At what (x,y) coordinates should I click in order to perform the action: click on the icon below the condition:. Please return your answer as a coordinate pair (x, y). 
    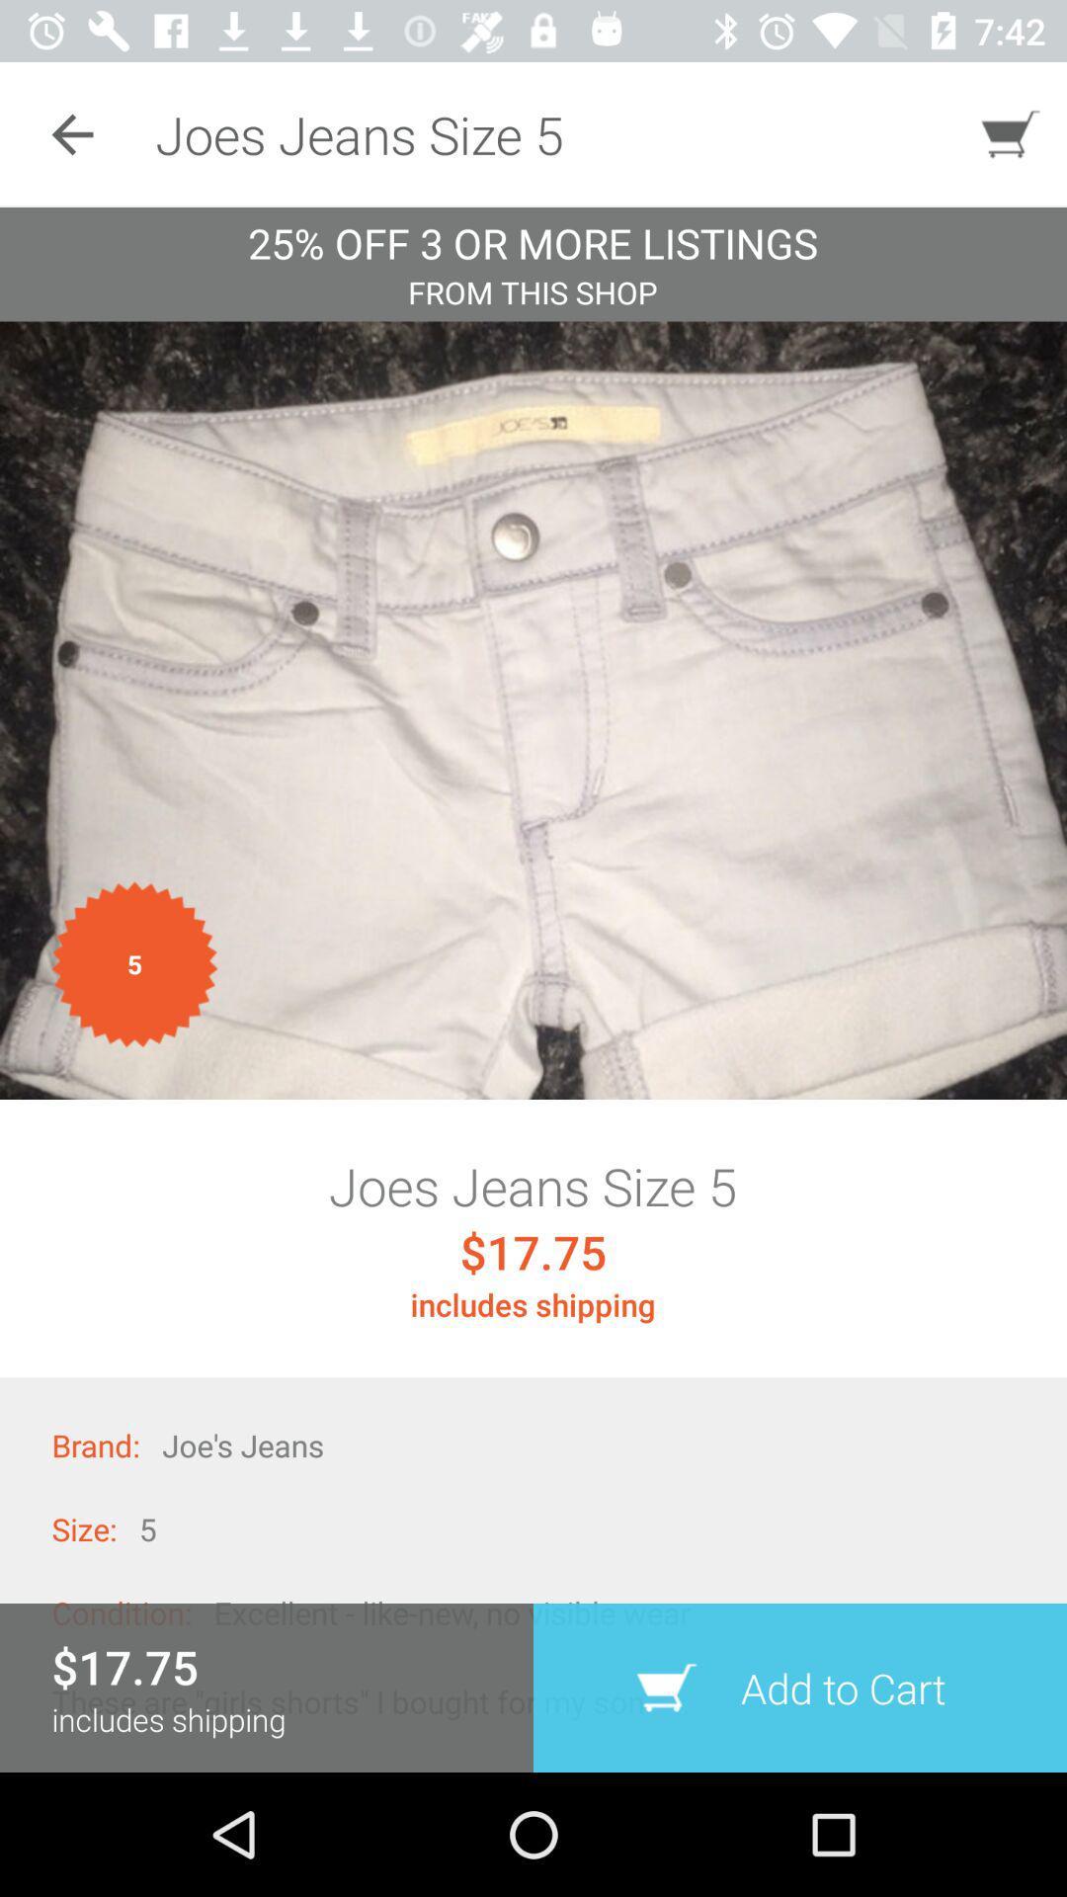
    Looking at the image, I should click on (351, 1700).